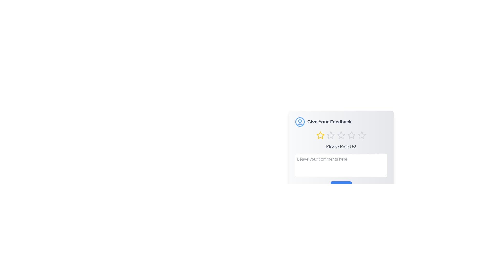 The width and height of the screenshot is (497, 279). I want to click on the text label that says 'Give Your Feedback', which is styled with a large bold font and positioned above star rating icons and a text input area, so click(329, 122).